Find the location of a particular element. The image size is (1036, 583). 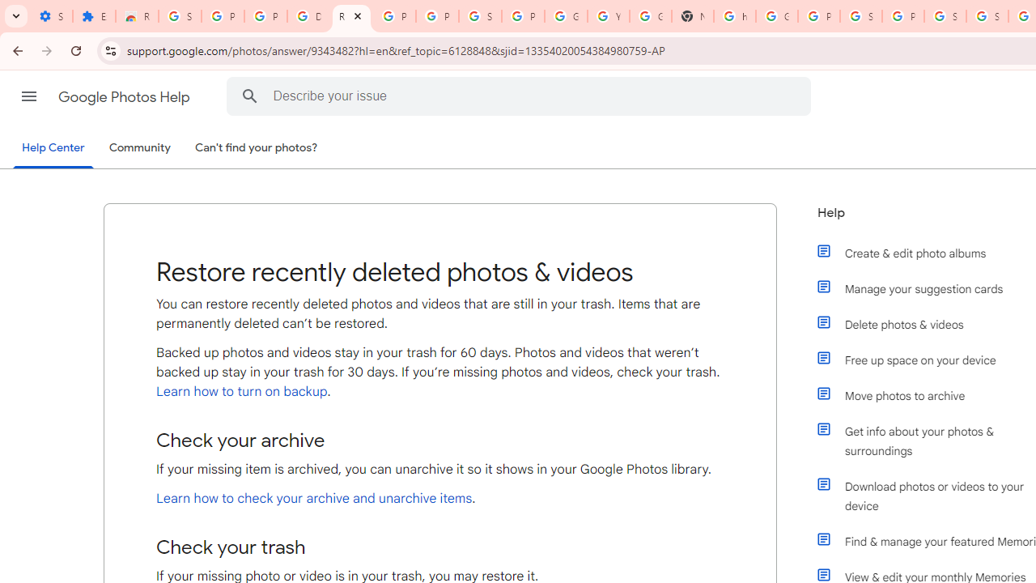

'View site information' is located at coordinates (109, 49).